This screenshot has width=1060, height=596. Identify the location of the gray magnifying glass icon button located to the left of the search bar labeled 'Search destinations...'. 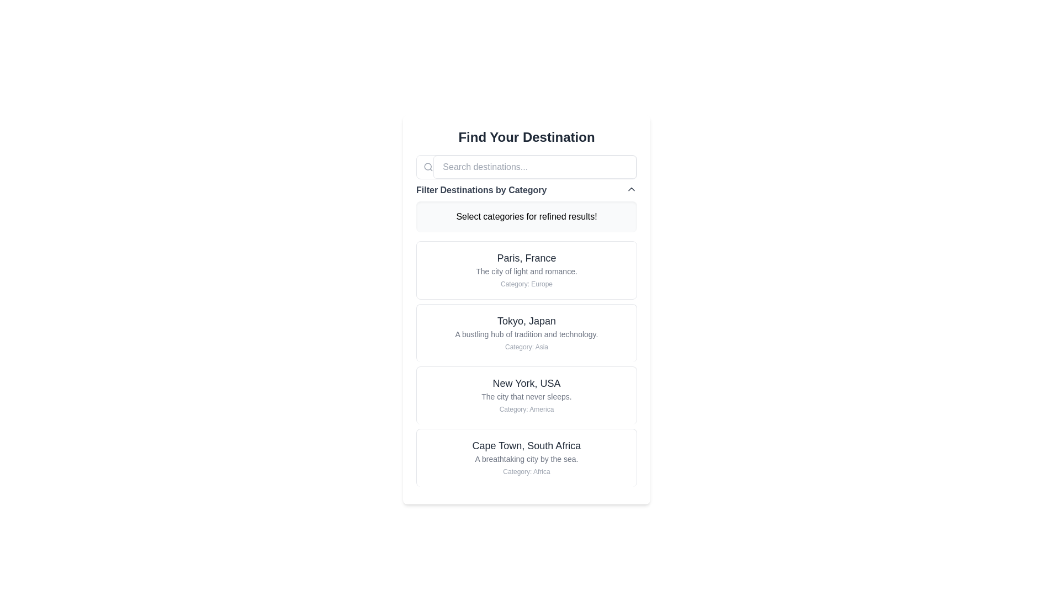
(428, 167).